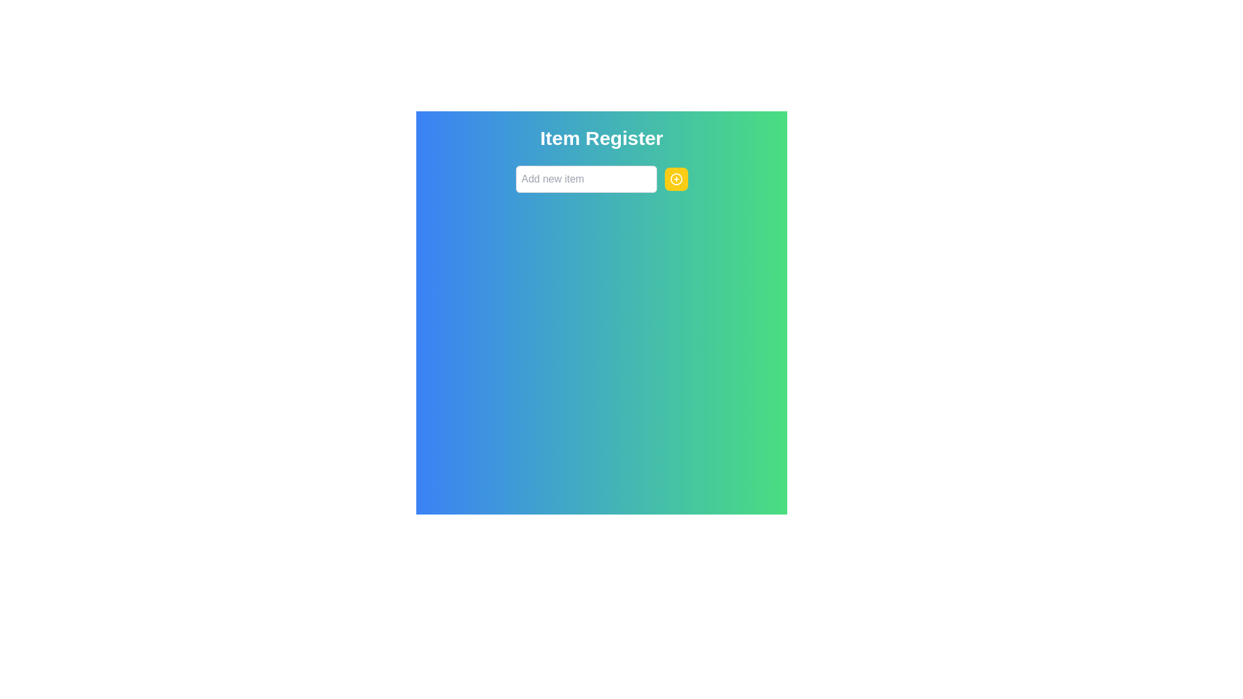 This screenshot has width=1243, height=699. What do you see at coordinates (675, 179) in the screenshot?
I see `the circular icon button with a plus sign, which is located beneath the 'Item Register' title` at bounding box center [675, 179].